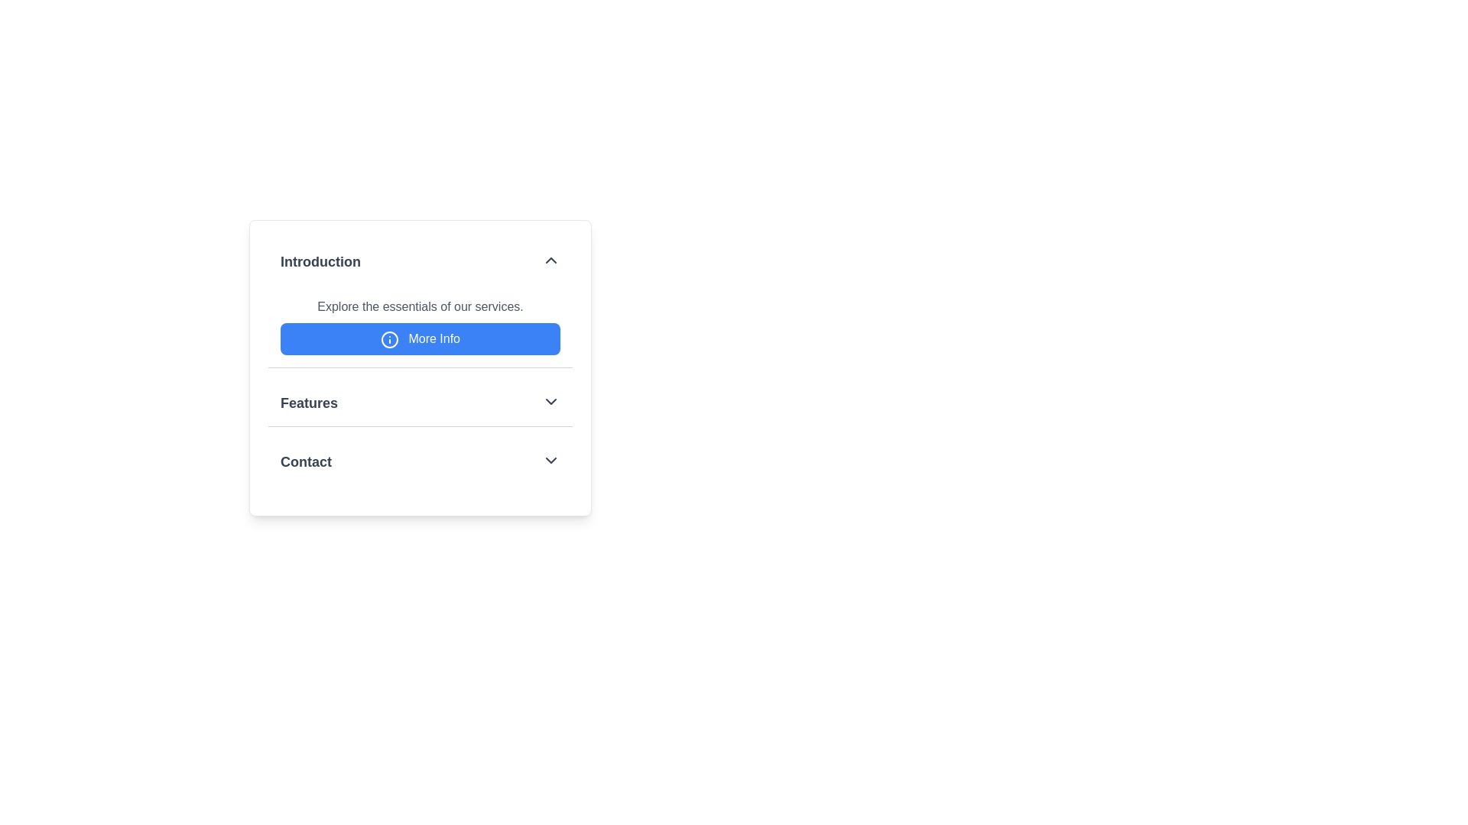 This screenshot has width=1468, height=825. What do you see at coordinates (421, 403) in the screenshot?
I see `the 'Features' dropdown trigger located in the second section of the vertically stacked card layout` at bounding box center [421, 403].